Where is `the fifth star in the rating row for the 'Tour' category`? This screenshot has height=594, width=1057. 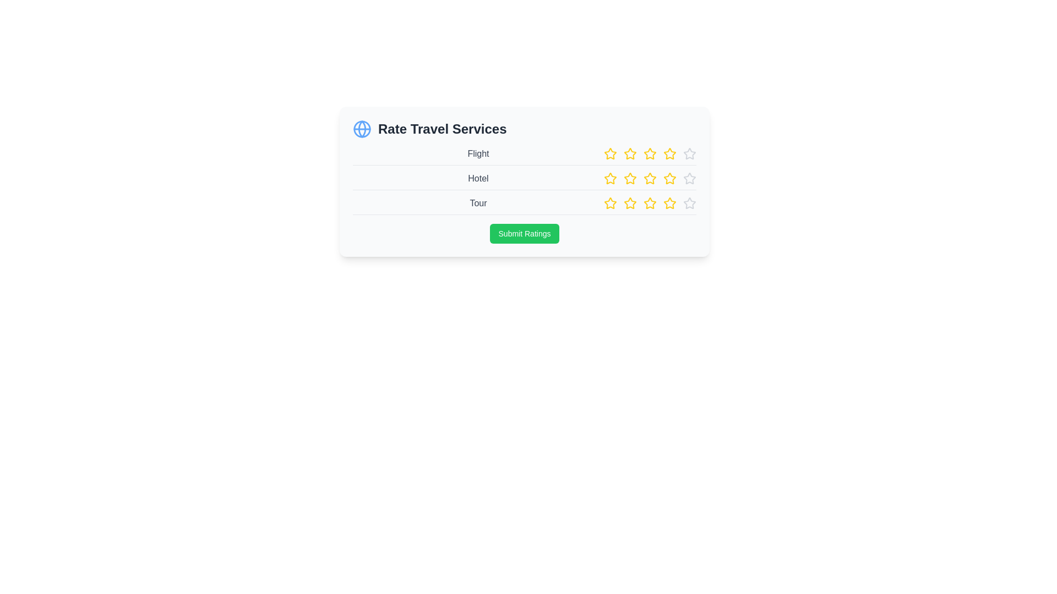
the fifth star in the rating row for the 'Tour' category is located at coordinates (630, 203).